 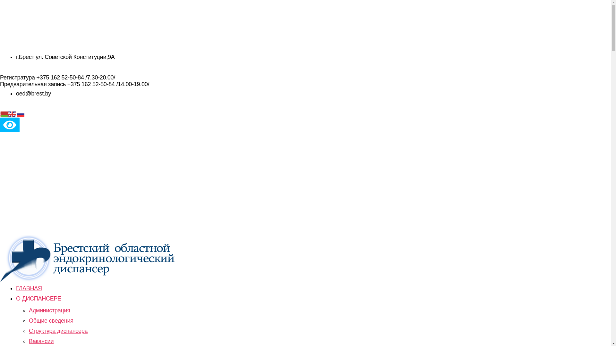 What do you see at coordinates (12, 113) in the screenshot?
I see `'English'` at bounding box center [12, 113].